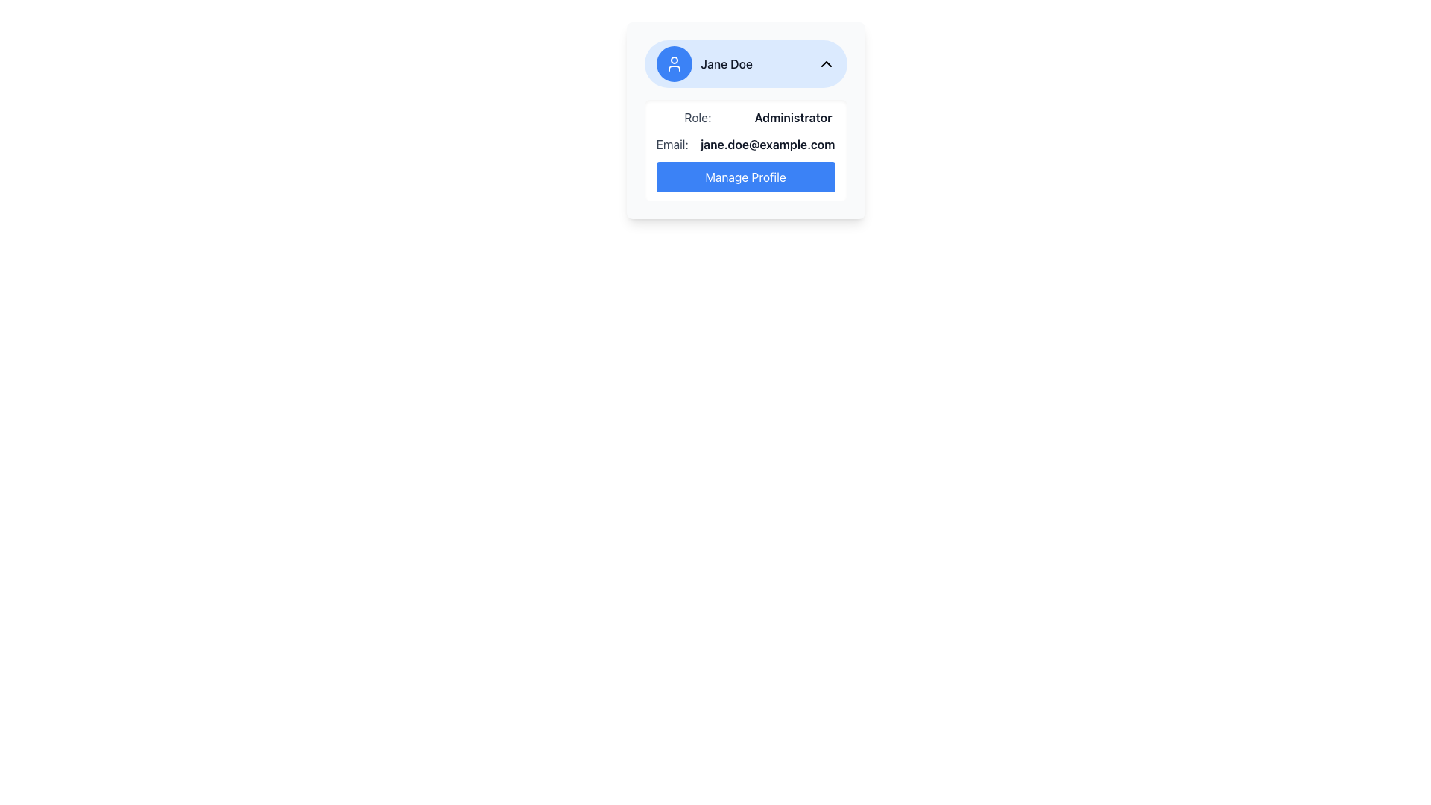  I want to click on the circular user profile icon located, so click(673, 63).